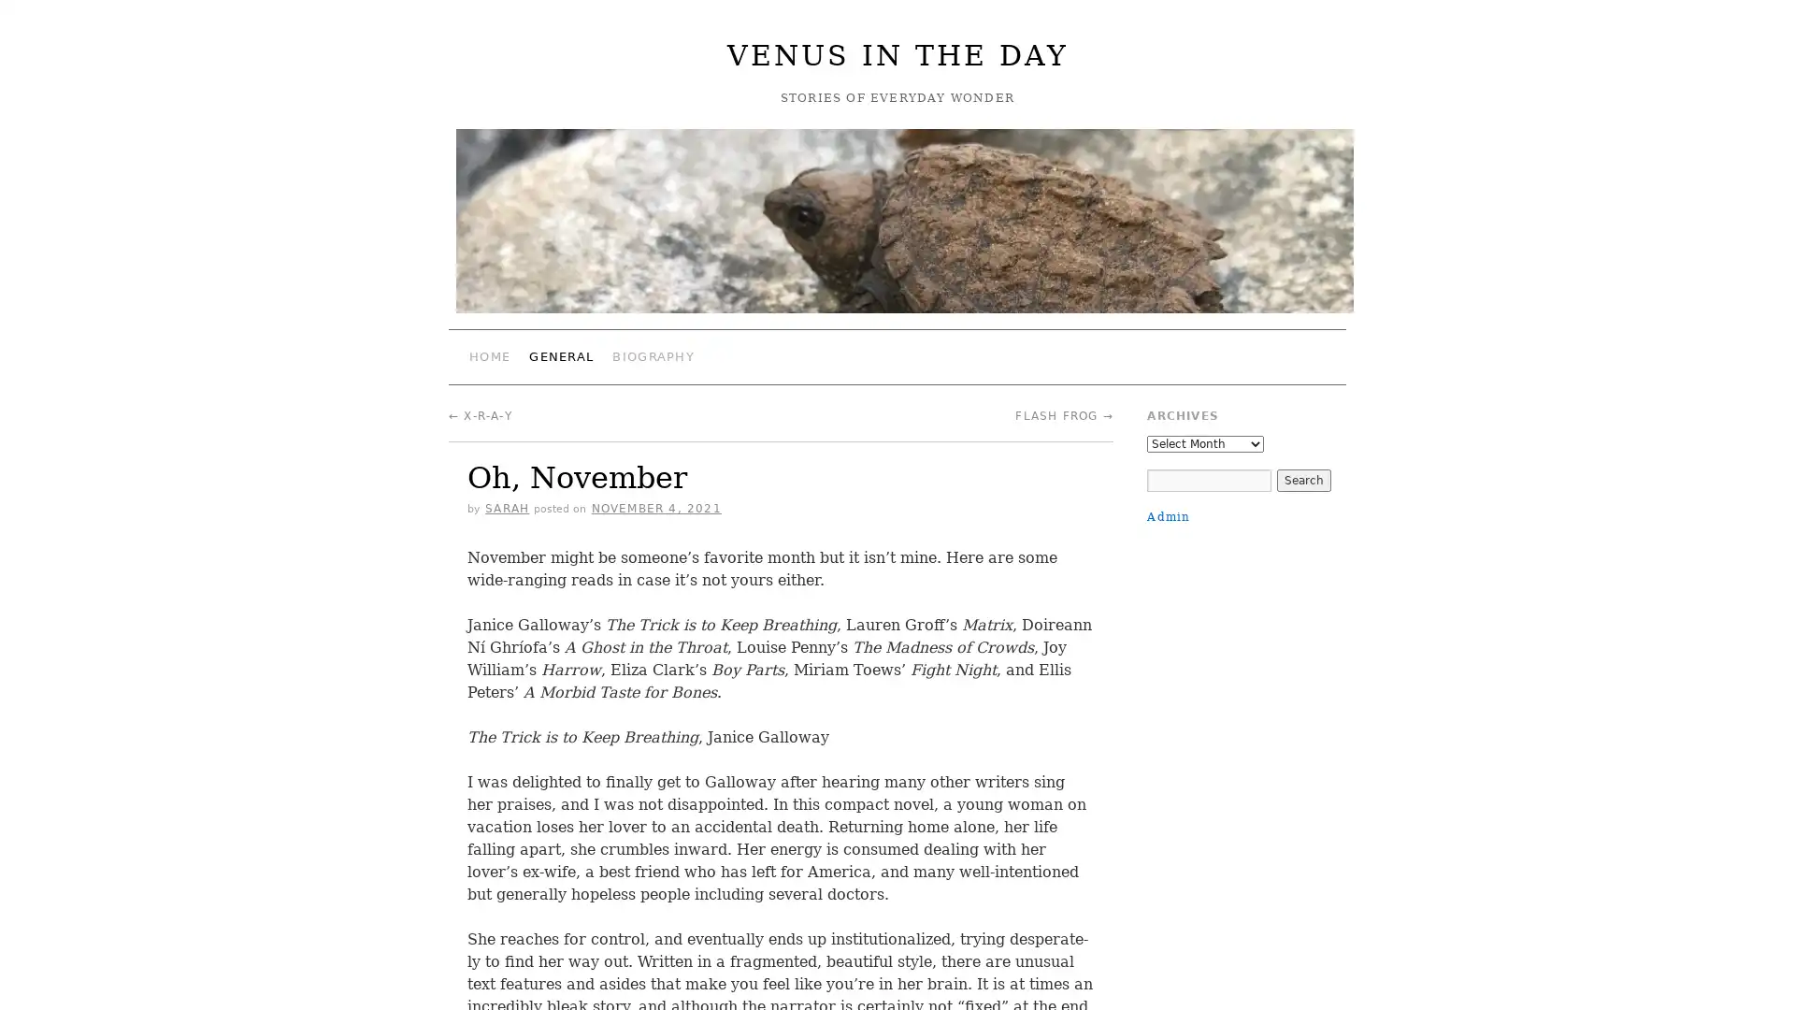 The height and width of the screenshot is (1010, 1795). Describe the element at coordinates (1301, 479) in the screenshot. I see `Search` at that location.